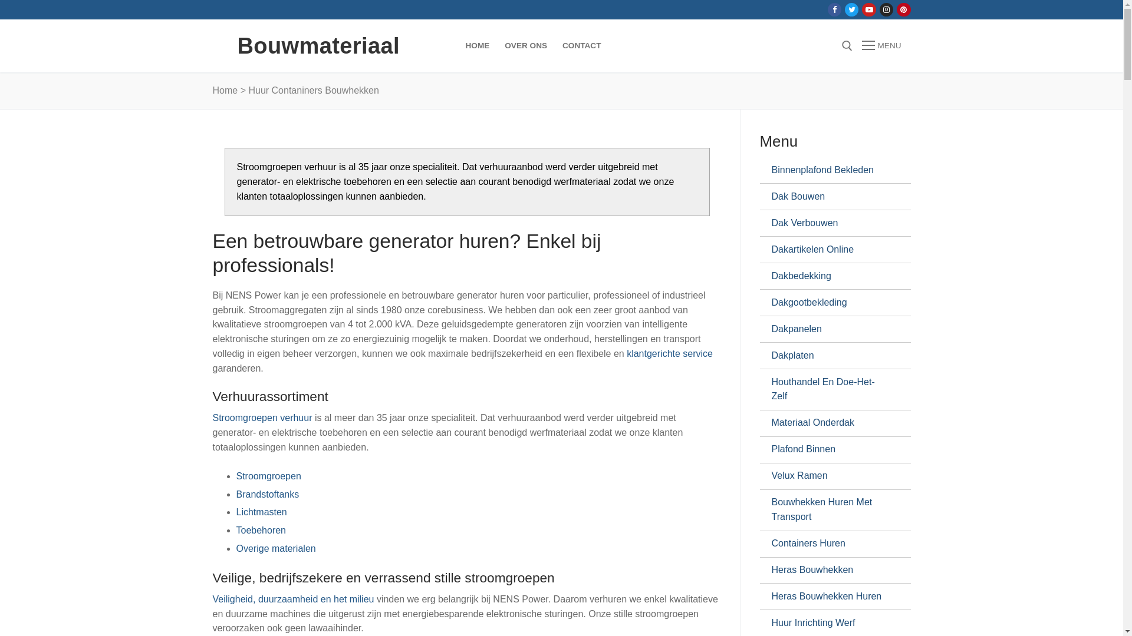 This screenshot has height=636, width=1132. I want to click on 'Houthandel En Doe-Het-Zelf', so click(829, 389).